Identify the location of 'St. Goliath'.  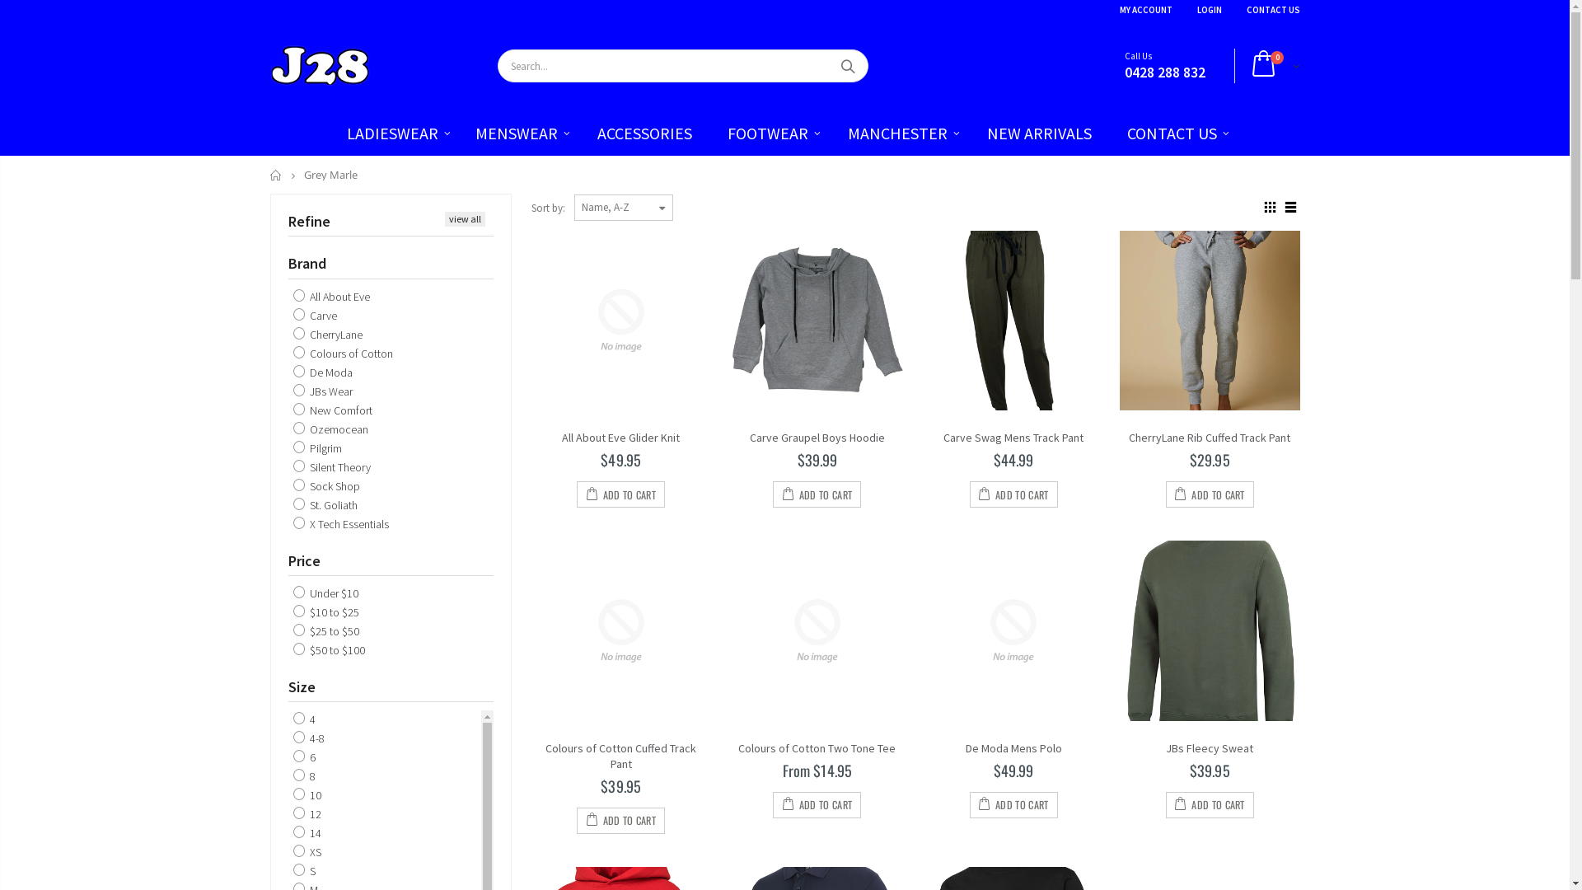
(293, 504).